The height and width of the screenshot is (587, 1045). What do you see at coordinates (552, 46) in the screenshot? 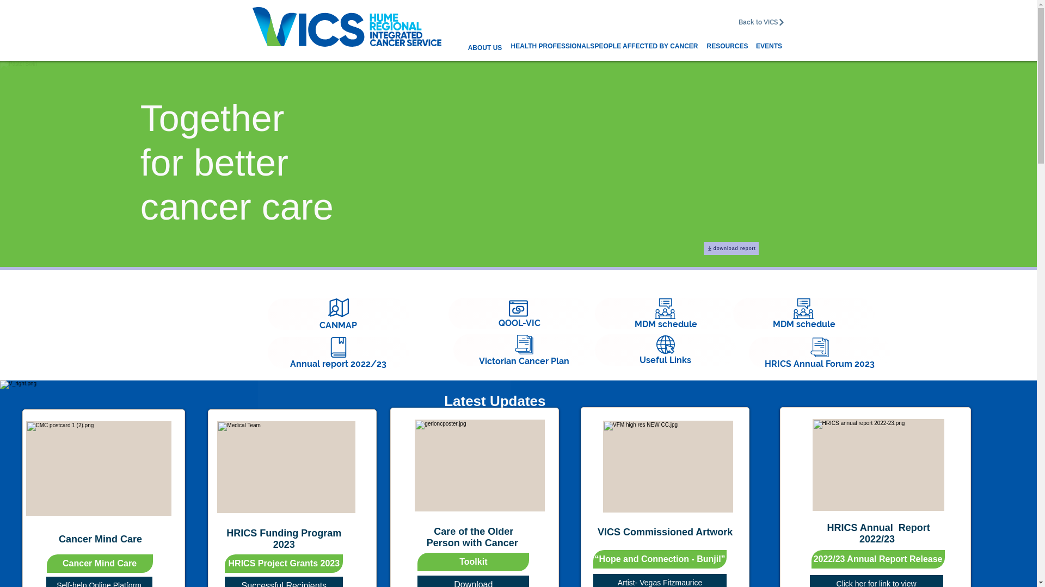
I see `'HEALTH PROFESSIONALS'` at bounding box center [552, 46].